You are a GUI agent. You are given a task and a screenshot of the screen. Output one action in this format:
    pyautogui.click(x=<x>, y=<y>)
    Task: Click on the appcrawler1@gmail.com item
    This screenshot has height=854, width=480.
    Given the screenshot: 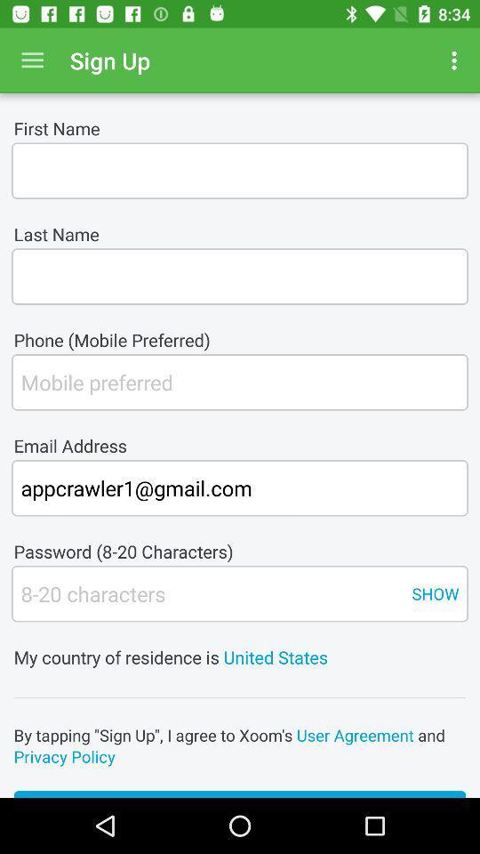 What is the action you would take?
    pyautogui.click(x=240, y=487)
    